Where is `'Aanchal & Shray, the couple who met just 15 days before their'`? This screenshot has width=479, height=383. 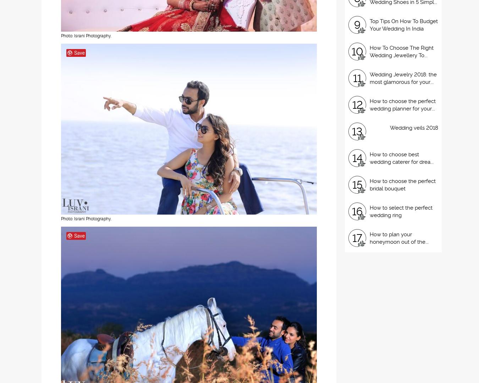
'Aanchal & Shray, the couple who met just 15 days before their' is located at coordinates (142, 372).